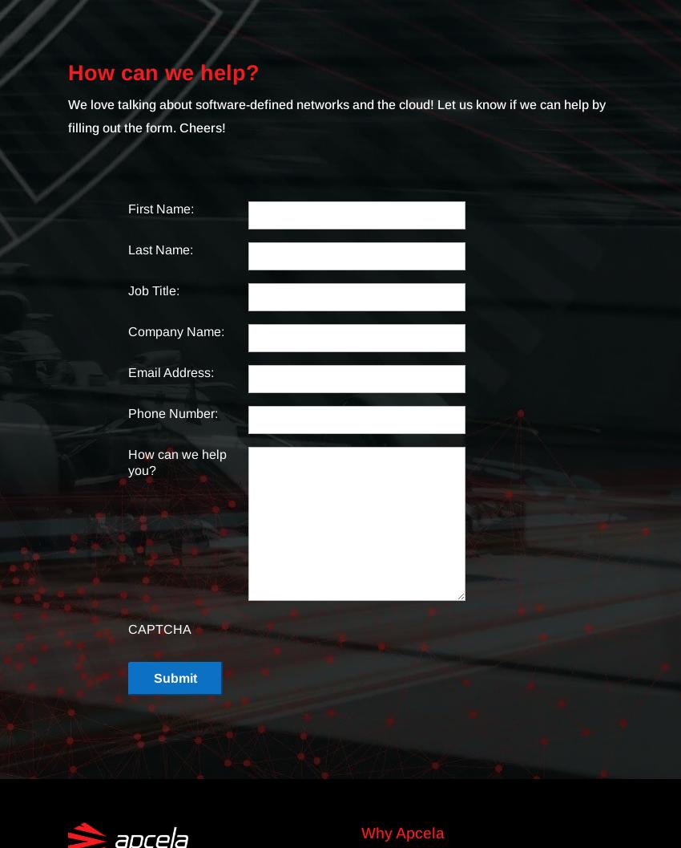 The image size is (681, 848). I want to click on 'First Name:', so click(160, 208).